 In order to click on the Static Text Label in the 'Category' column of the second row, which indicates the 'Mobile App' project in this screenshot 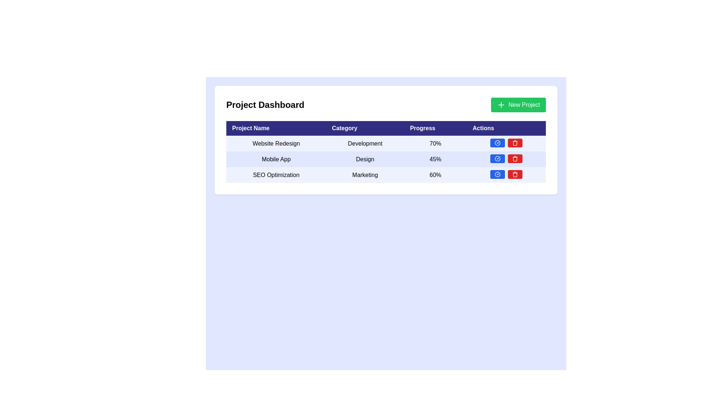, I will do `click(365, 159)`.